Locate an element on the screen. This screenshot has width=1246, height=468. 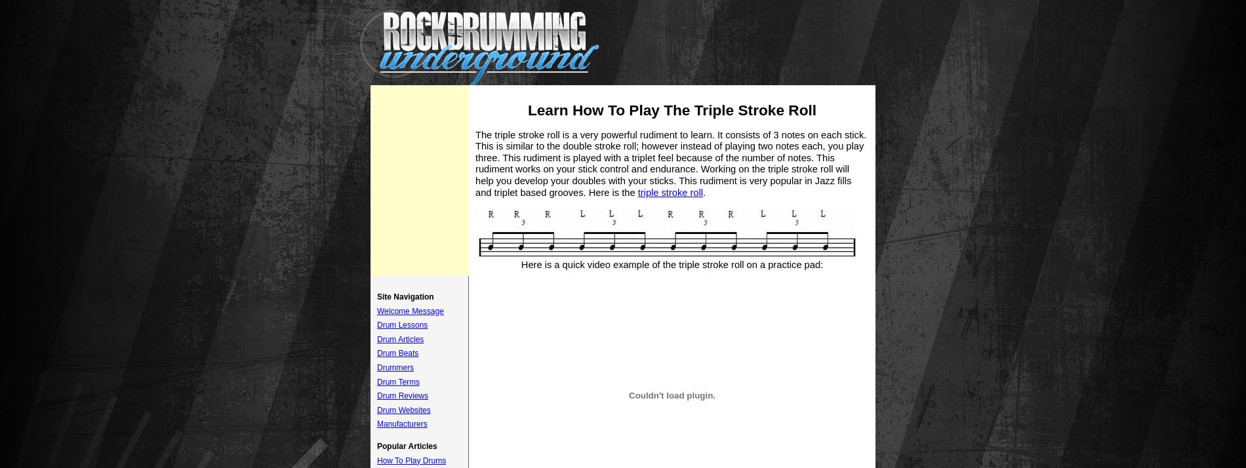
'.' is located at coordinates (704, 191).